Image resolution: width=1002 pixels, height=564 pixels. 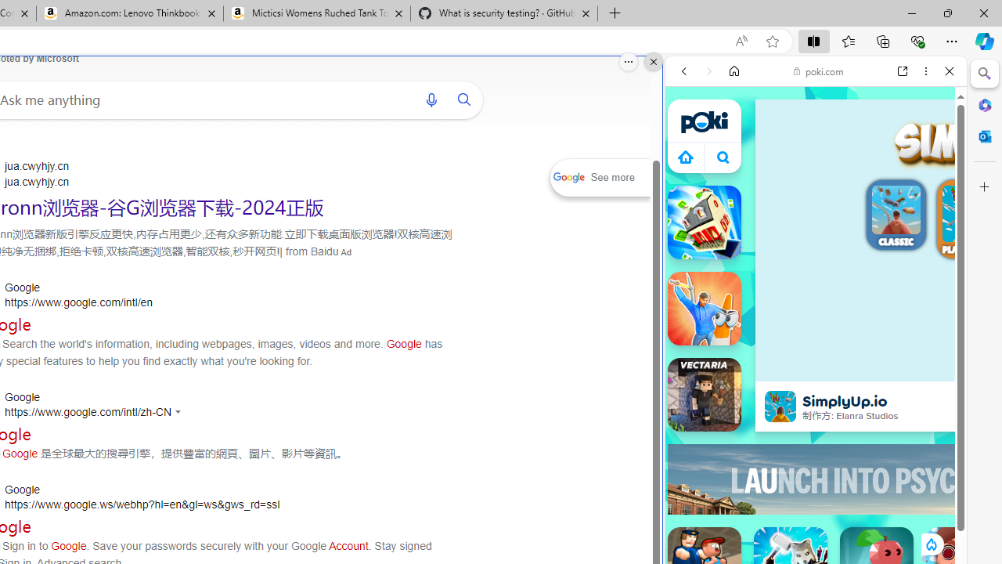 I want to click on 'Class: B_5ykBA46kDOxiz_R9wm', so click(x=723, y=157).